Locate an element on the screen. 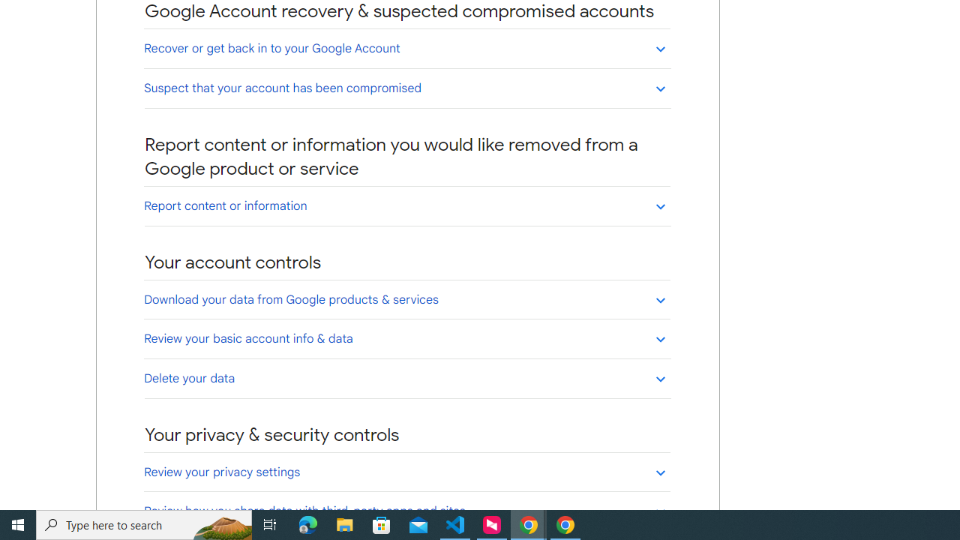 The image size is (960, 540). 'Suspect that your account has been compromised' is located at coordinates (406, 88).